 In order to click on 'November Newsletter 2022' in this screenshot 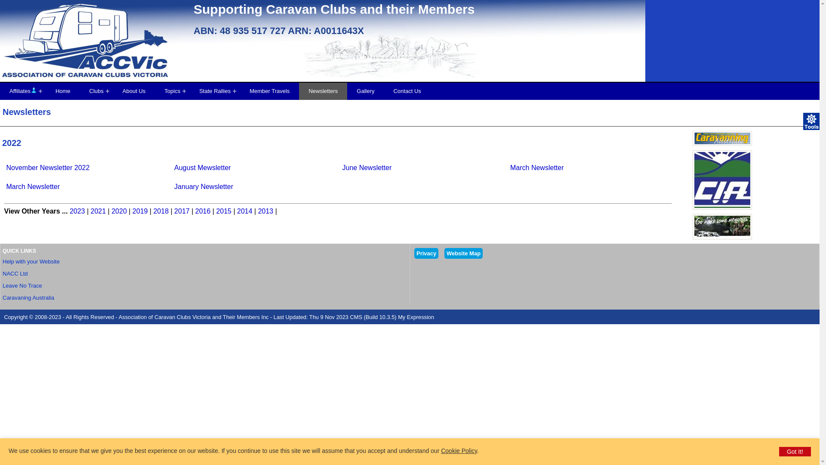, I will do `click(47, 167)`.